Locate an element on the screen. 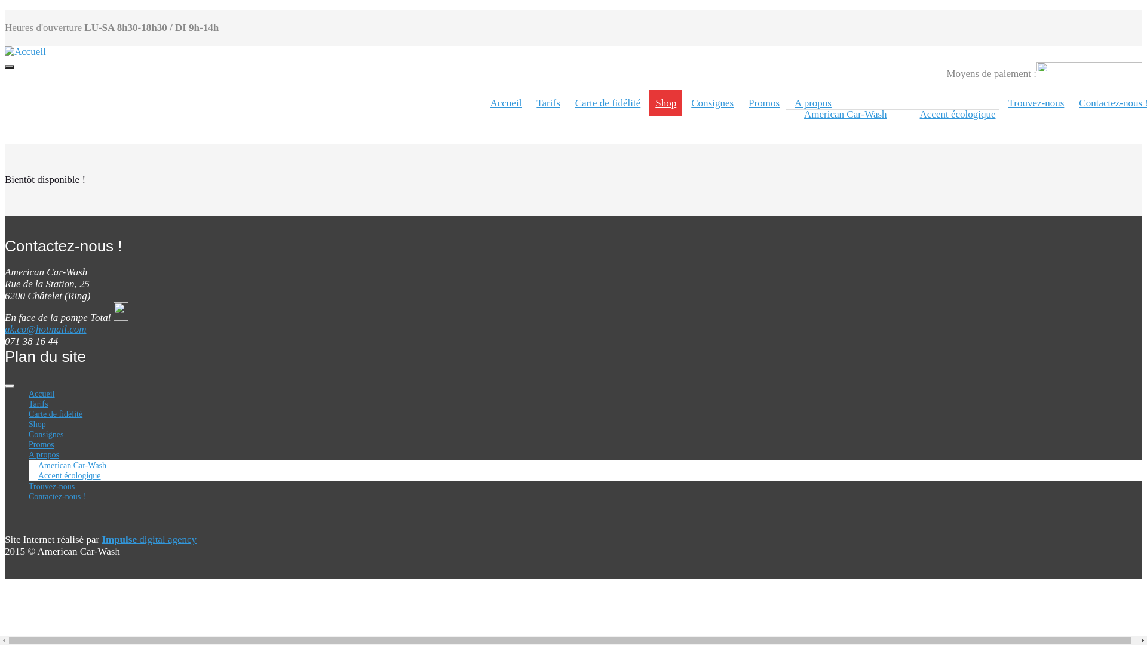 Image resolution: width=1147 pixels, height=645 pixels. 'Consignes' is located at coordinates (45, 434).